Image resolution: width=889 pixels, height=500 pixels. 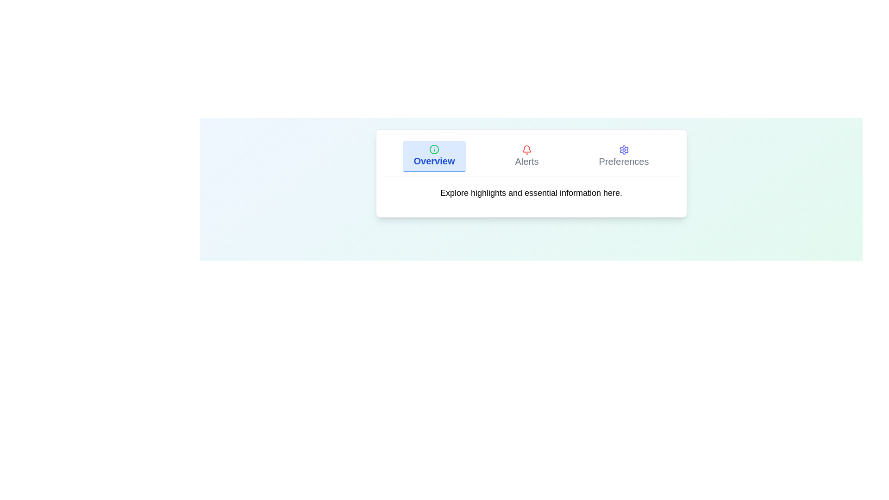 I want to click on the tab button labeled Preferences to observe its visual feedback, so click(x=624, y=156).